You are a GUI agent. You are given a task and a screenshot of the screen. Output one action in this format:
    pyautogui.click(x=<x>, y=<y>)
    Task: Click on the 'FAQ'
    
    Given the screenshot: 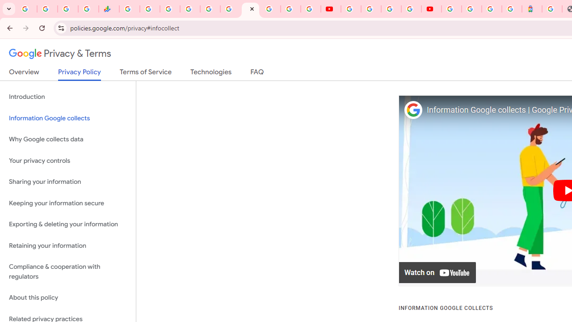 What is the action you would take?
    pyautogui.click(x=257, y=73)
    